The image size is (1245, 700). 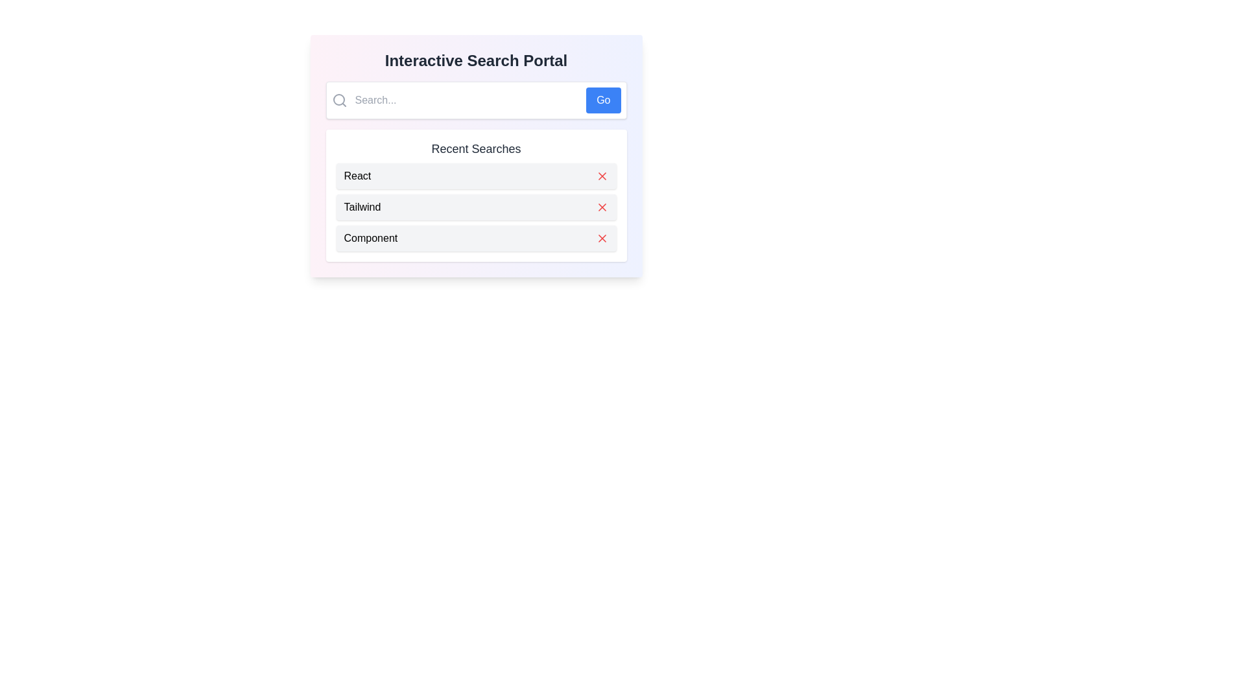 What do you see at coordinates (357, 176) in the screenshot?
I see `the text label for the recent search term` at bounding box center [357, 176].